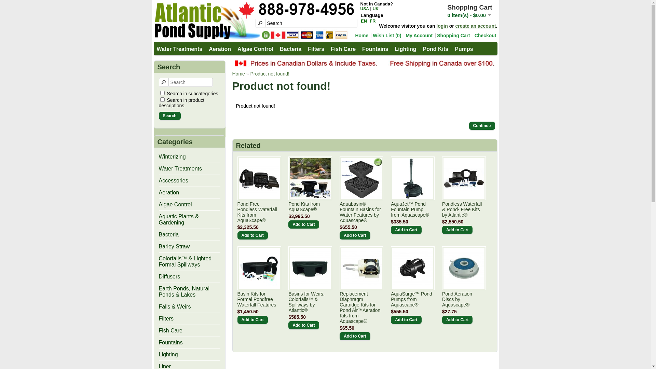 The width and height of the screenshot is (656, 369). What do you see at coordinates (269, 74) in the screenshot?
I see `'Product not found!'` at bounding box center [269, 74].